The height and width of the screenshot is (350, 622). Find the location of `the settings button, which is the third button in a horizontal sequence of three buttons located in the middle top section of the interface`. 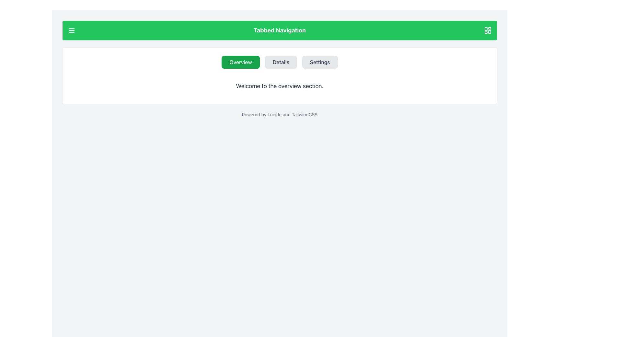

the settings button, which is the third button in a horizontal sequence of three buttons located in the middle top section of the interface is located at coordinates (320, 62).